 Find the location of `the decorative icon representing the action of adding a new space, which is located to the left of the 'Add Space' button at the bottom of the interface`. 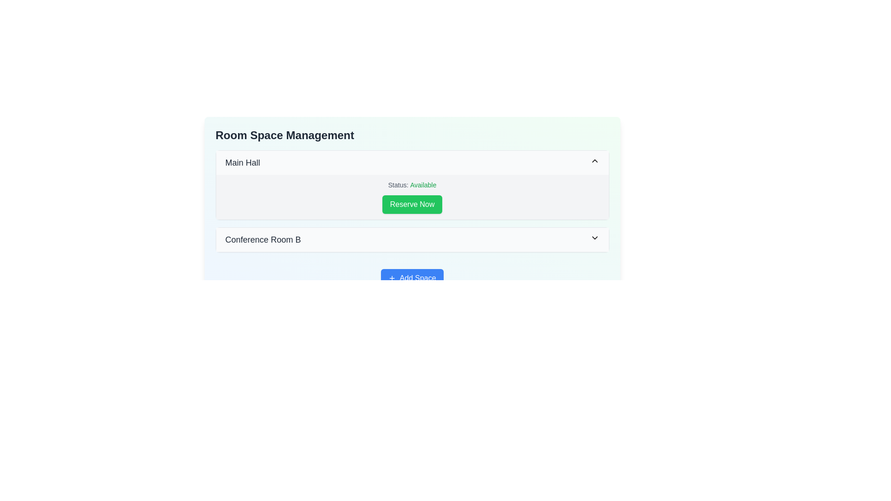

the decorative icon representing the action of adding a new space, which is located to the left of the 'Add Space' button at the bottom of the interface is located at coordinates (392, 278).